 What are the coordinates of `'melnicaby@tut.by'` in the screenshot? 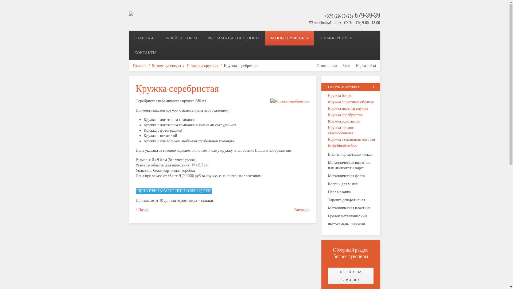 It's located at (327, 22).